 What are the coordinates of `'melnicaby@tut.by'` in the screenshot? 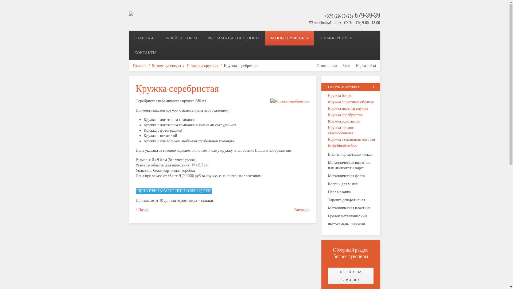 It's located at (327, 22).